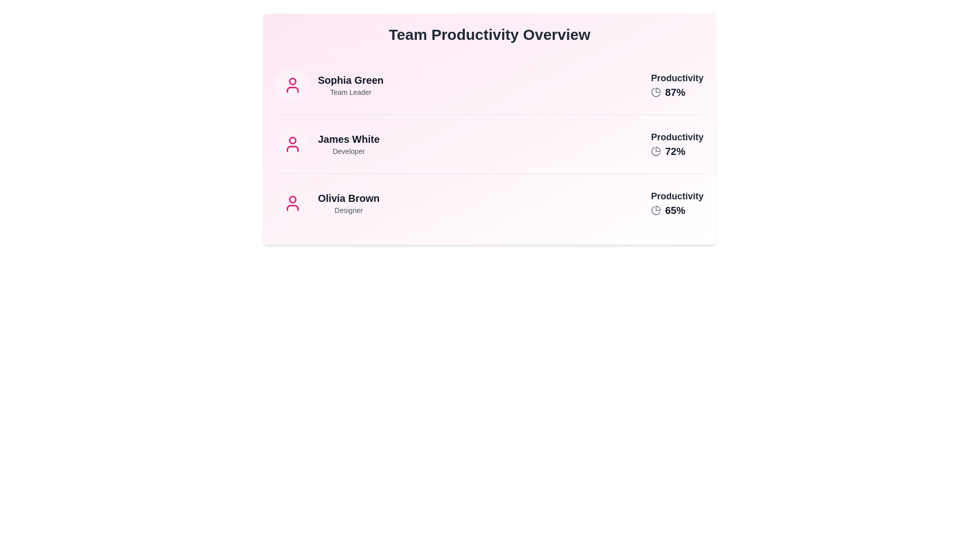 This screenshot has width=969, height=545. What do you see at coordinates (328, 203) in the screenshot?
I see `the Profile card entry displaying the name and role of 'Olivia Brown,' which is the third entry in the team members list` at bounding box center [328, 203].